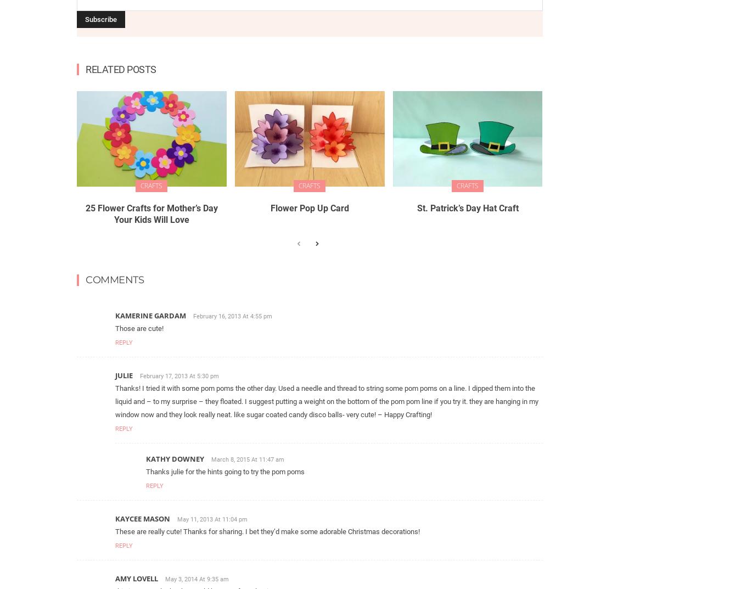 Image resolution: width=741 pixels, height=589 pixels. I want to click on 'Thanks julie for the hints going to try the pom poms', so click(225, 470).